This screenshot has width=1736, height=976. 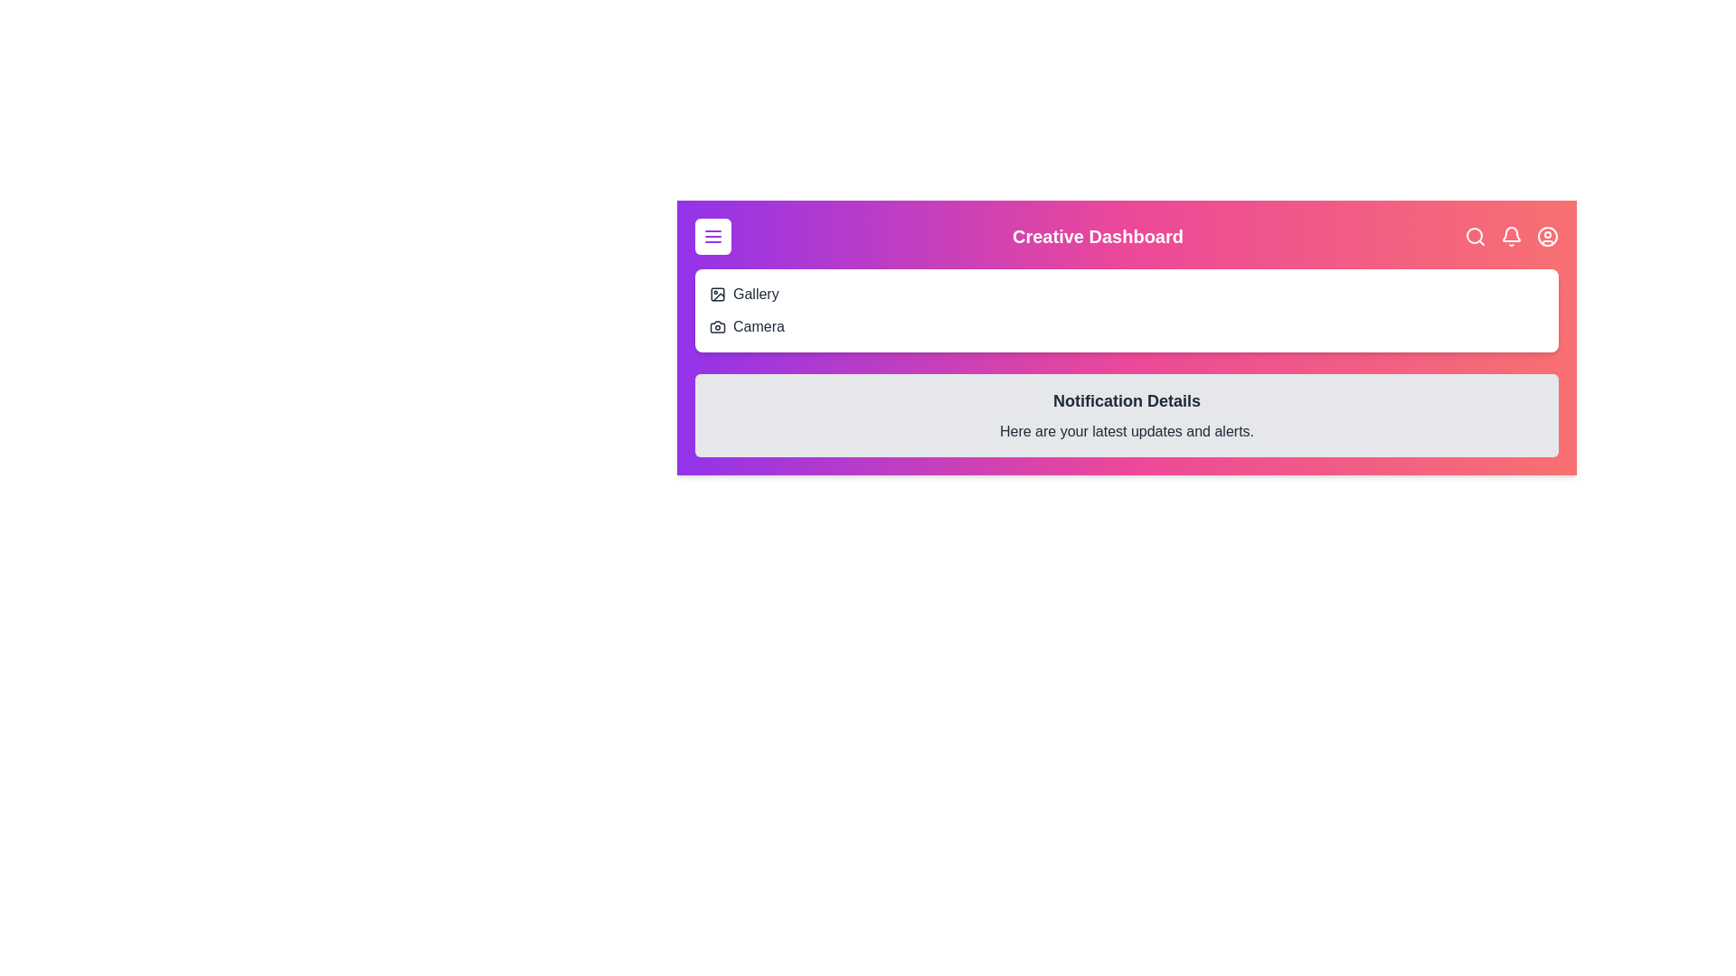 I want to click on the bell icon to toggle the notifications dialog, so click(x=1511, y=236).